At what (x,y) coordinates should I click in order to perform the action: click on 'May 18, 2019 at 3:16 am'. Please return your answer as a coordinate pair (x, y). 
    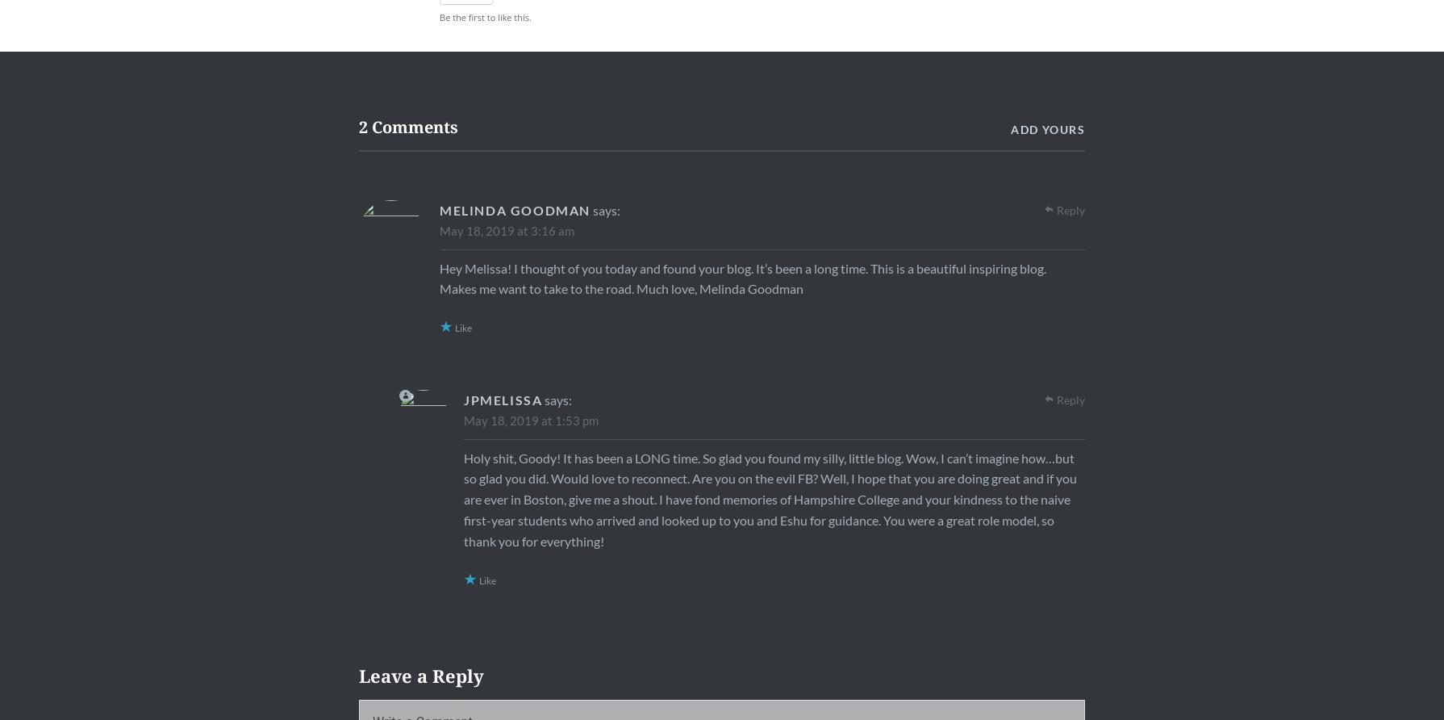
    Looking at the image, I should click on (506, 230).